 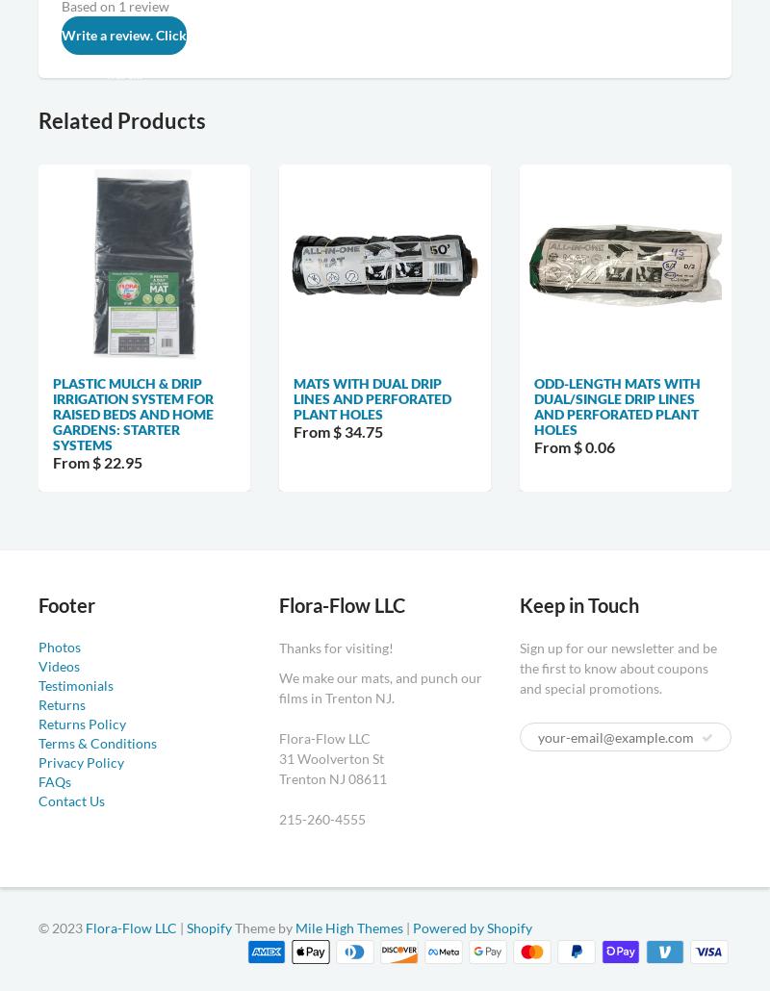 I want to click on 'We make our mats, and punch our films in Trenton NJ.', so click(x=379, y=688).